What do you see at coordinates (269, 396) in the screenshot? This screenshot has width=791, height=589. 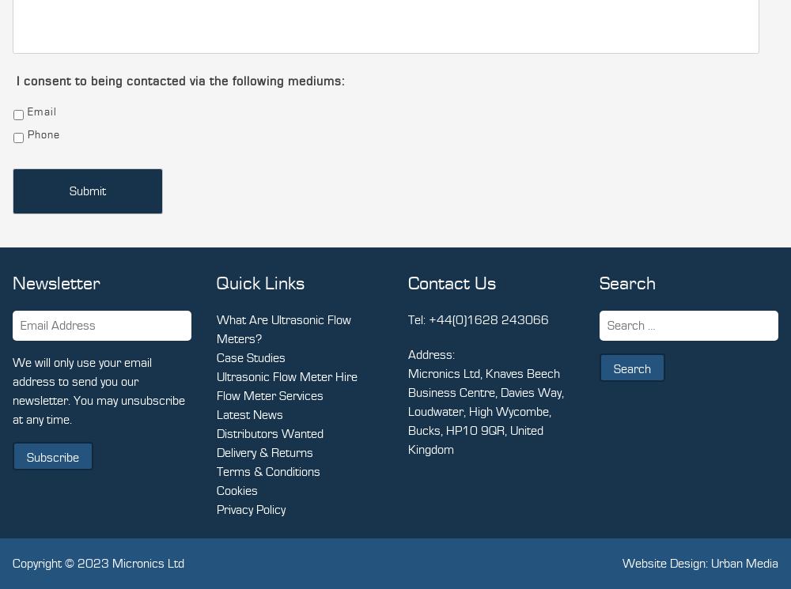 I see `'Flow Meter Services'` at bounding box center [269, 396].